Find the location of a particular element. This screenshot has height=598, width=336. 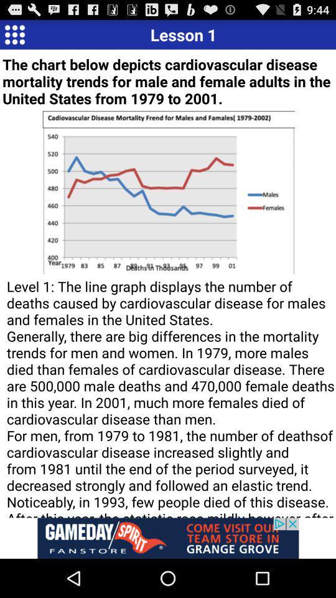

the dialpad icon is located at coordinates (14, 36).